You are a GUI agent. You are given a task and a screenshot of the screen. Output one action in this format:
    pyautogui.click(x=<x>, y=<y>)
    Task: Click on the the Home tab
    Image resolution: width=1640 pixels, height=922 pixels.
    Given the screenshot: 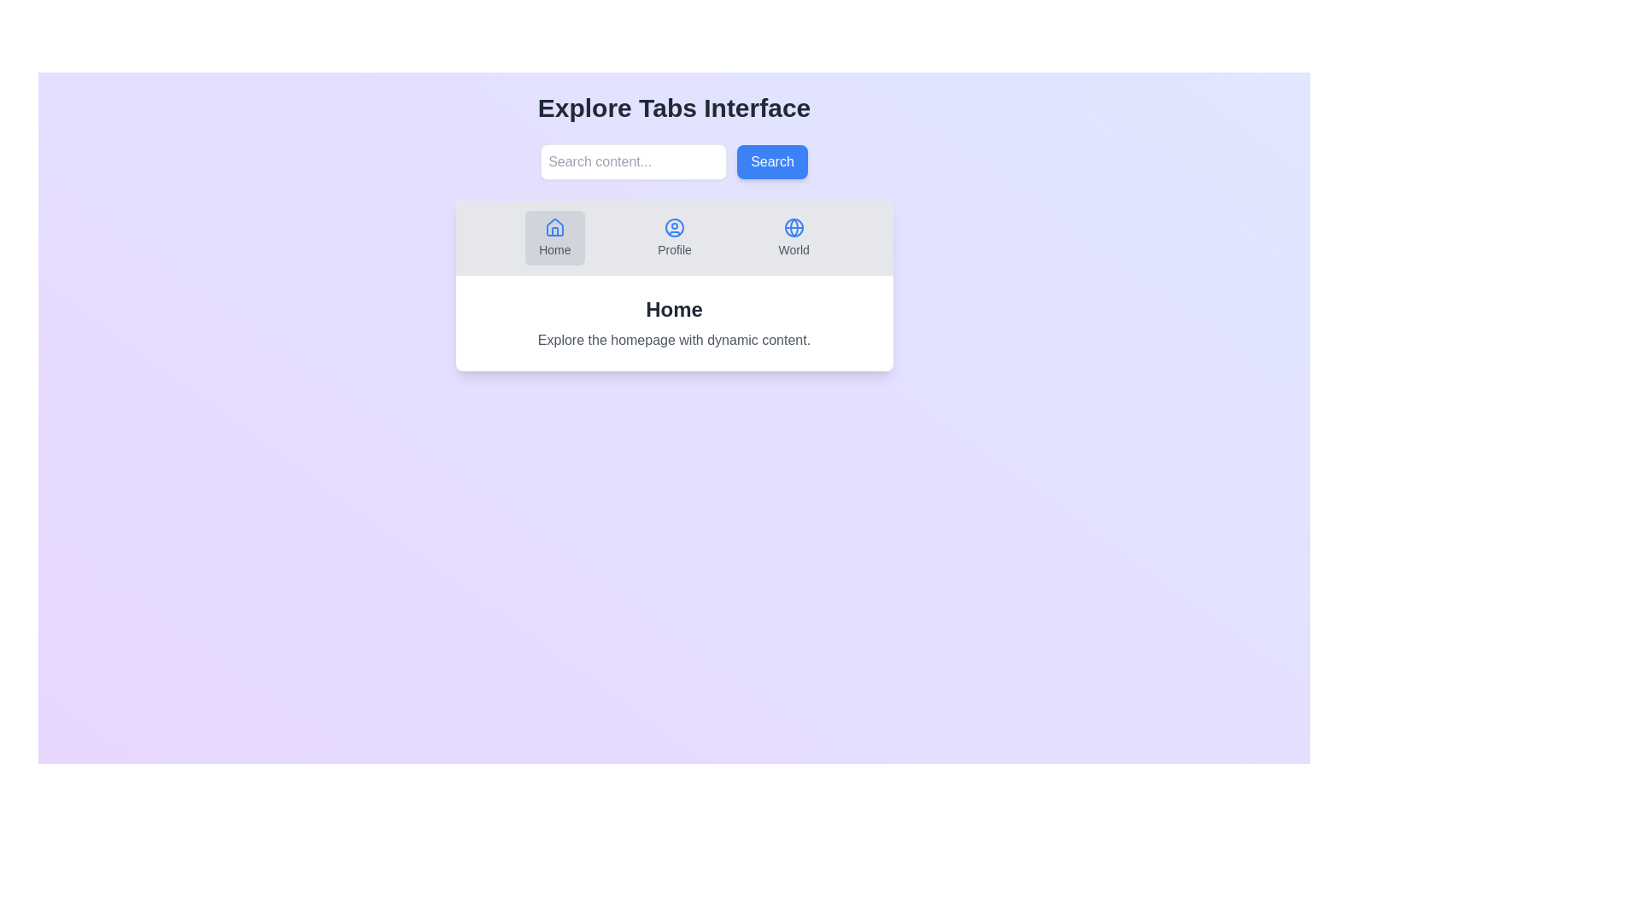 What is the action you would take?
    pyautogui.click(x=554, y=237)
    